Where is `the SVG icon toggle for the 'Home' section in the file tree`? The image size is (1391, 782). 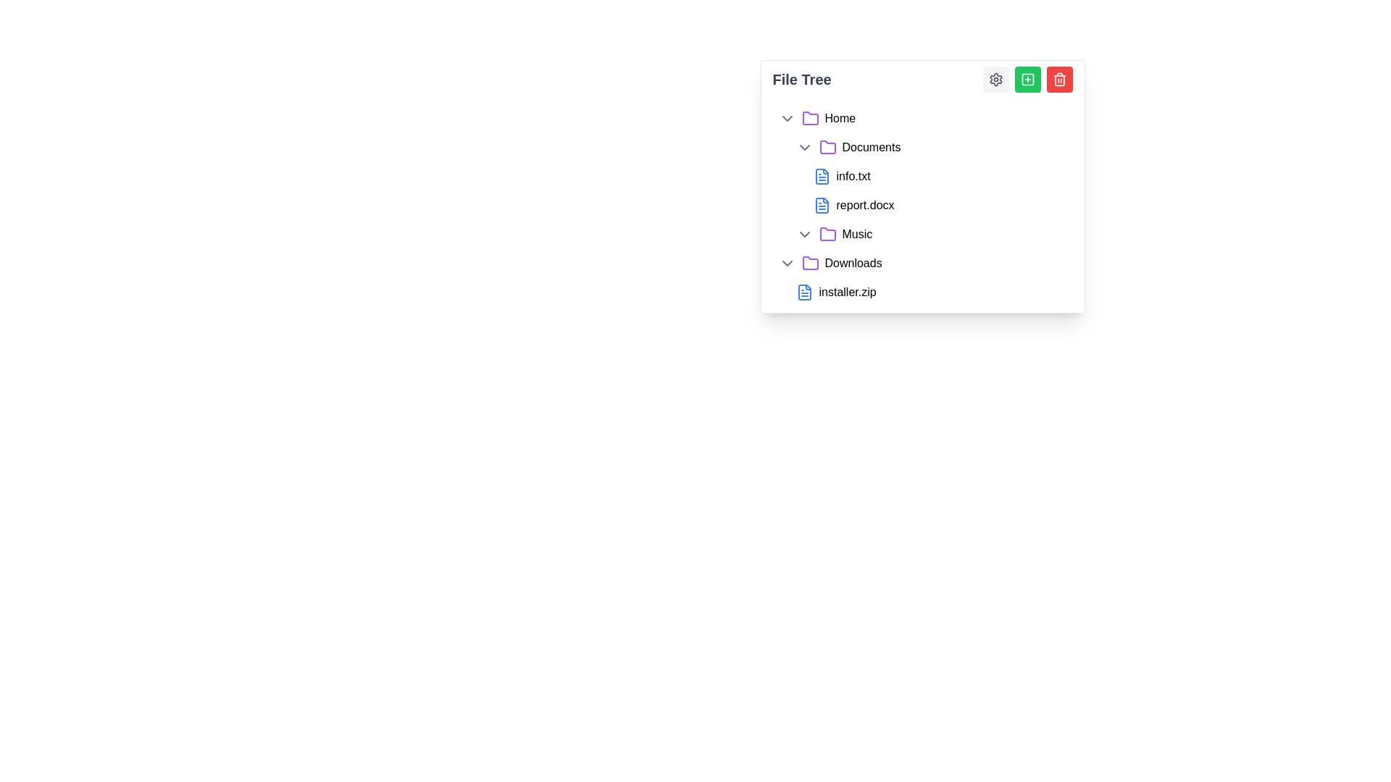
the SVG icon toggle for the 'Home' section in the file tree is located at coordinates (786, 118).